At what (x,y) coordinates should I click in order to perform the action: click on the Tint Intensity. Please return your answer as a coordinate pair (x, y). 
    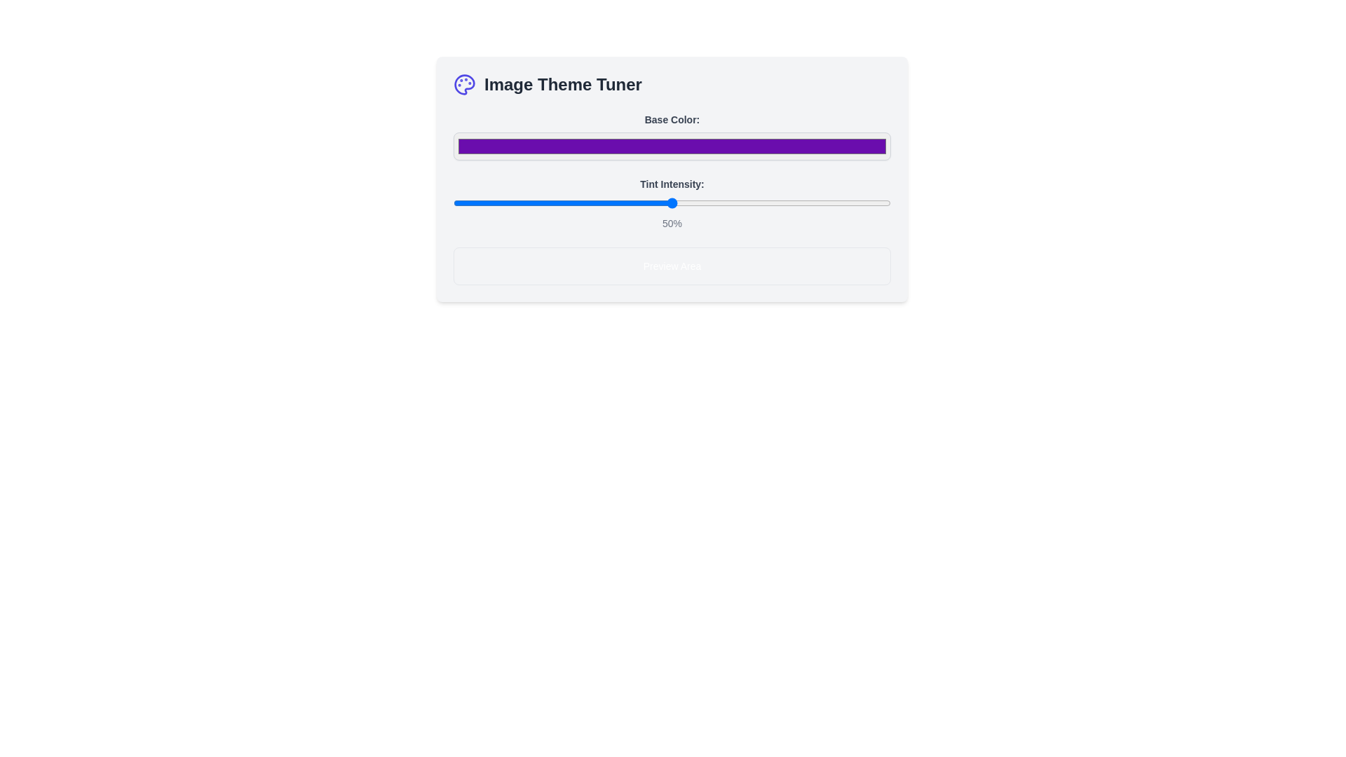
    Looking at the image, I should click on (720, 203).